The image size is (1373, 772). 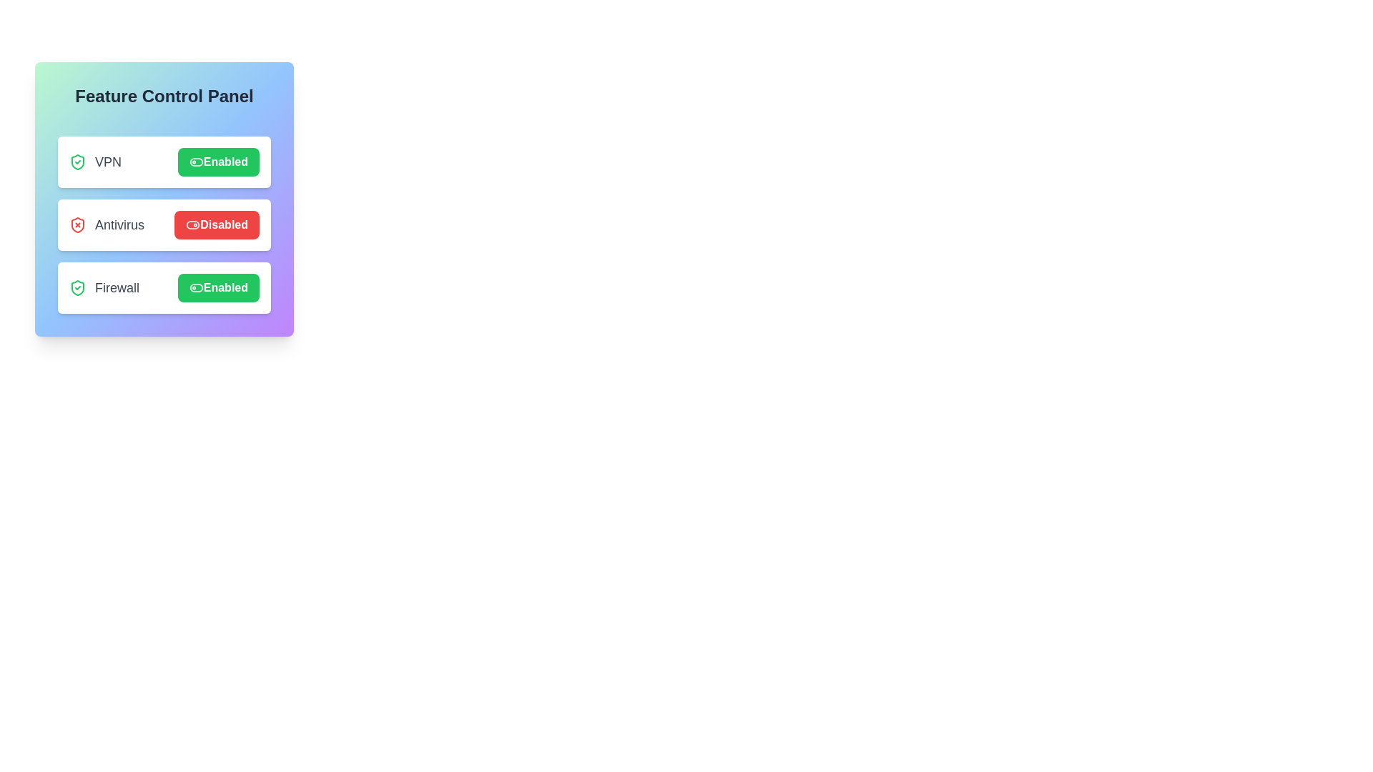 What do you see at coordinates (94, 162) in the screenshot?
I see `the feature name VPN to interact with it` at bounding box center [94, 162].